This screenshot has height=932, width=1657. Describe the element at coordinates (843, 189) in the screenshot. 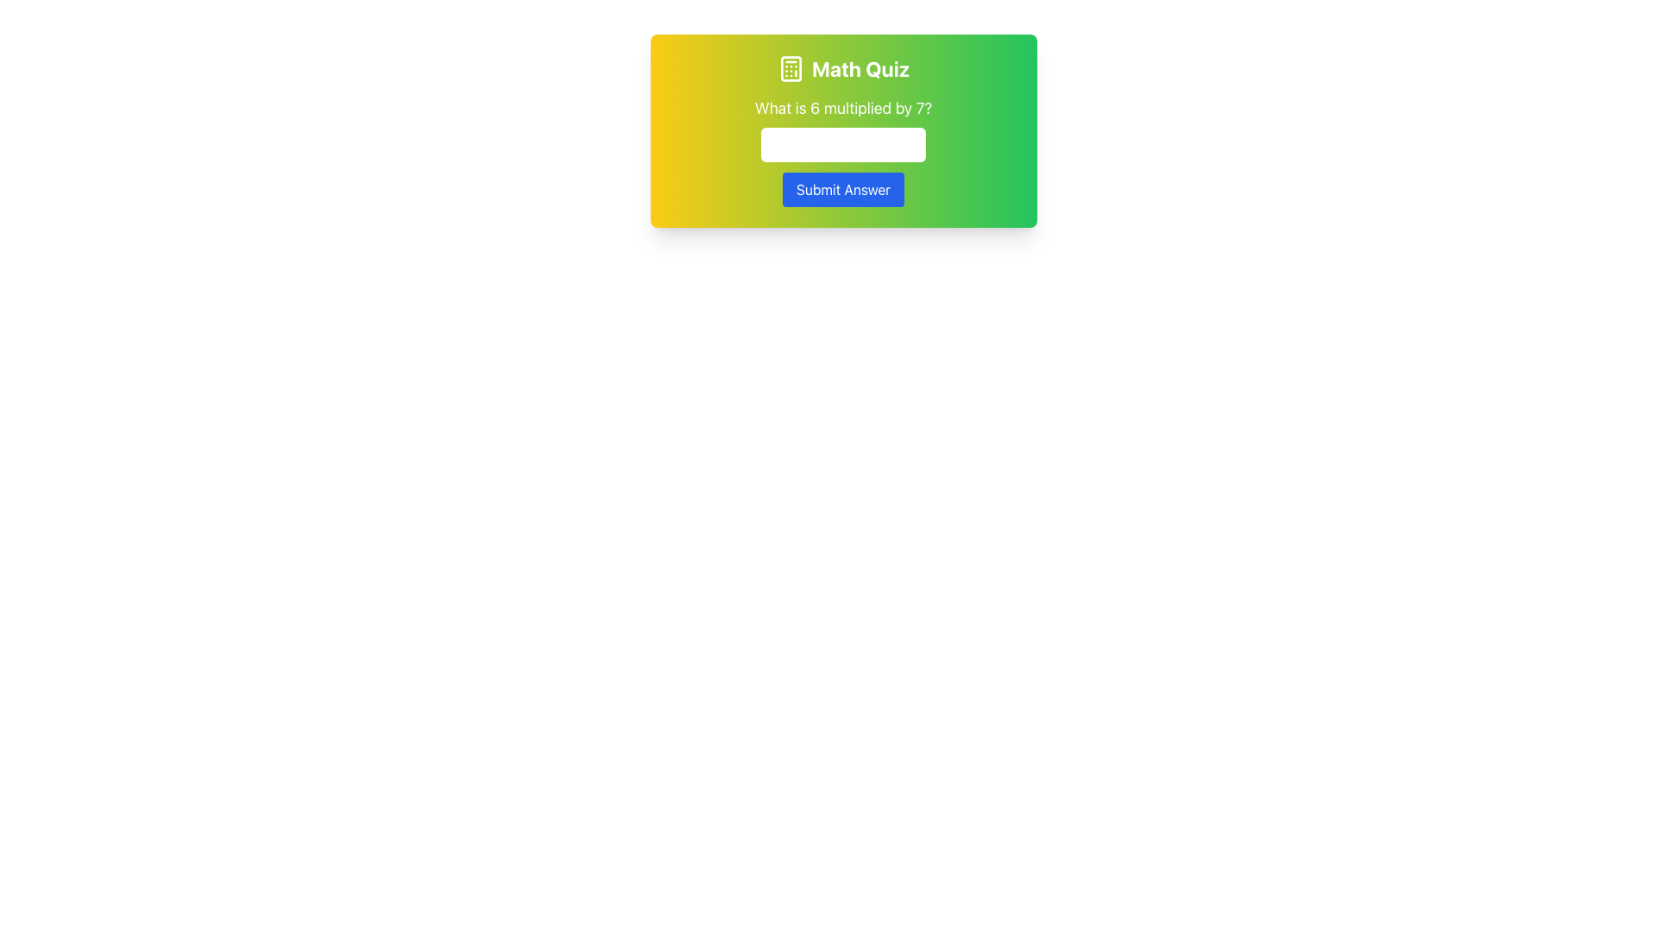

I see `the submit button located below the numeric input field` at that location.